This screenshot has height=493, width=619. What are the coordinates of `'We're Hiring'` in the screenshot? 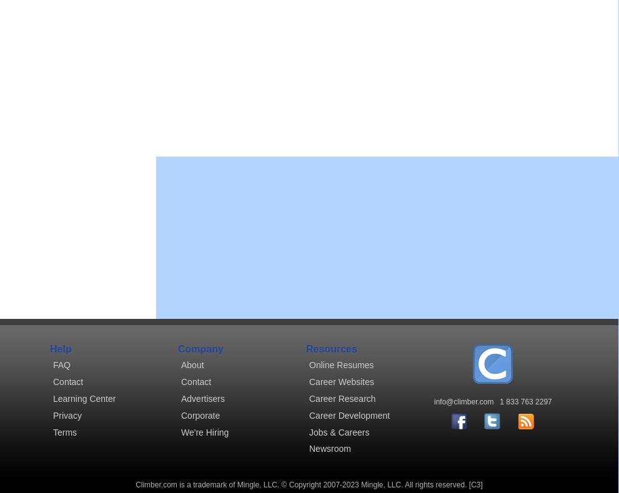 It's located at (205, 431).